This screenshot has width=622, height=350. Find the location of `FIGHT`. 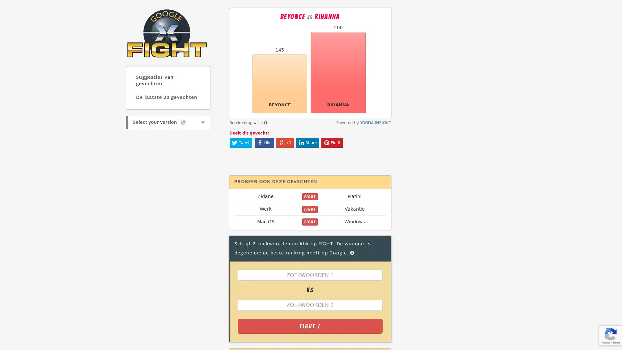

FIGHT is located at coordinates (309, 196).